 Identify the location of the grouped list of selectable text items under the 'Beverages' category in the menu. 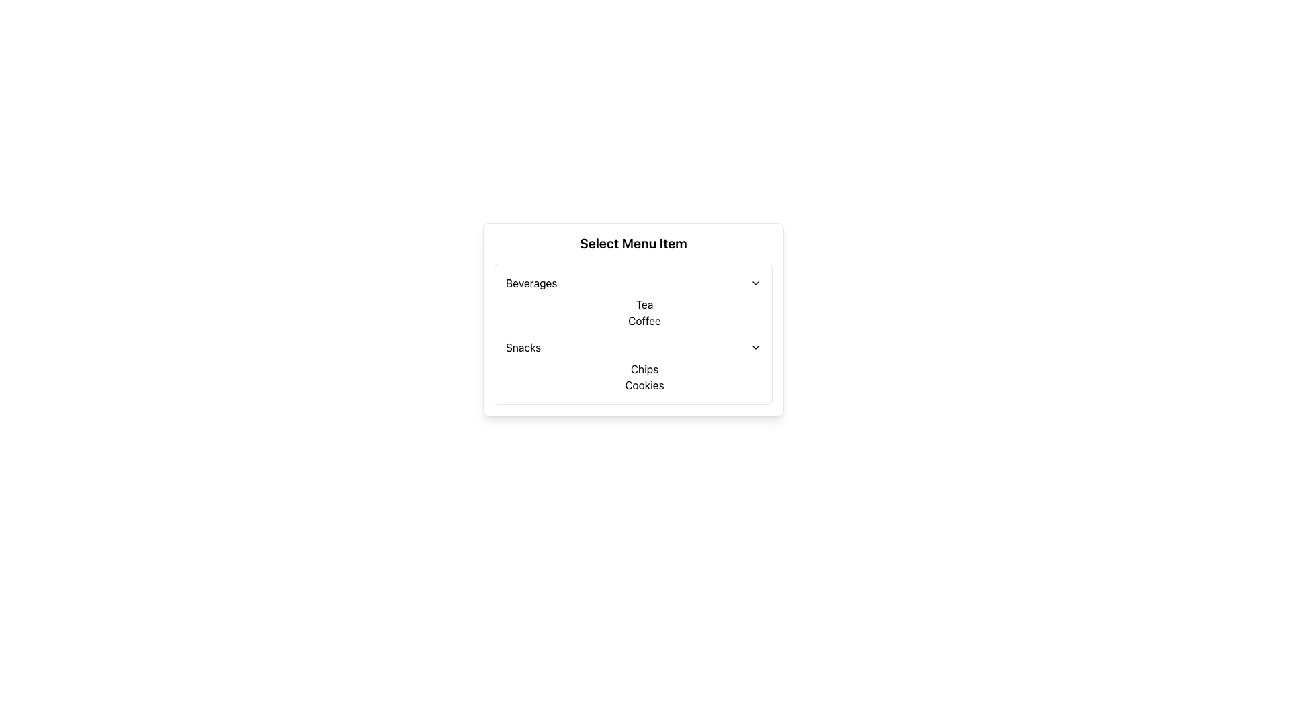
(638, 313).